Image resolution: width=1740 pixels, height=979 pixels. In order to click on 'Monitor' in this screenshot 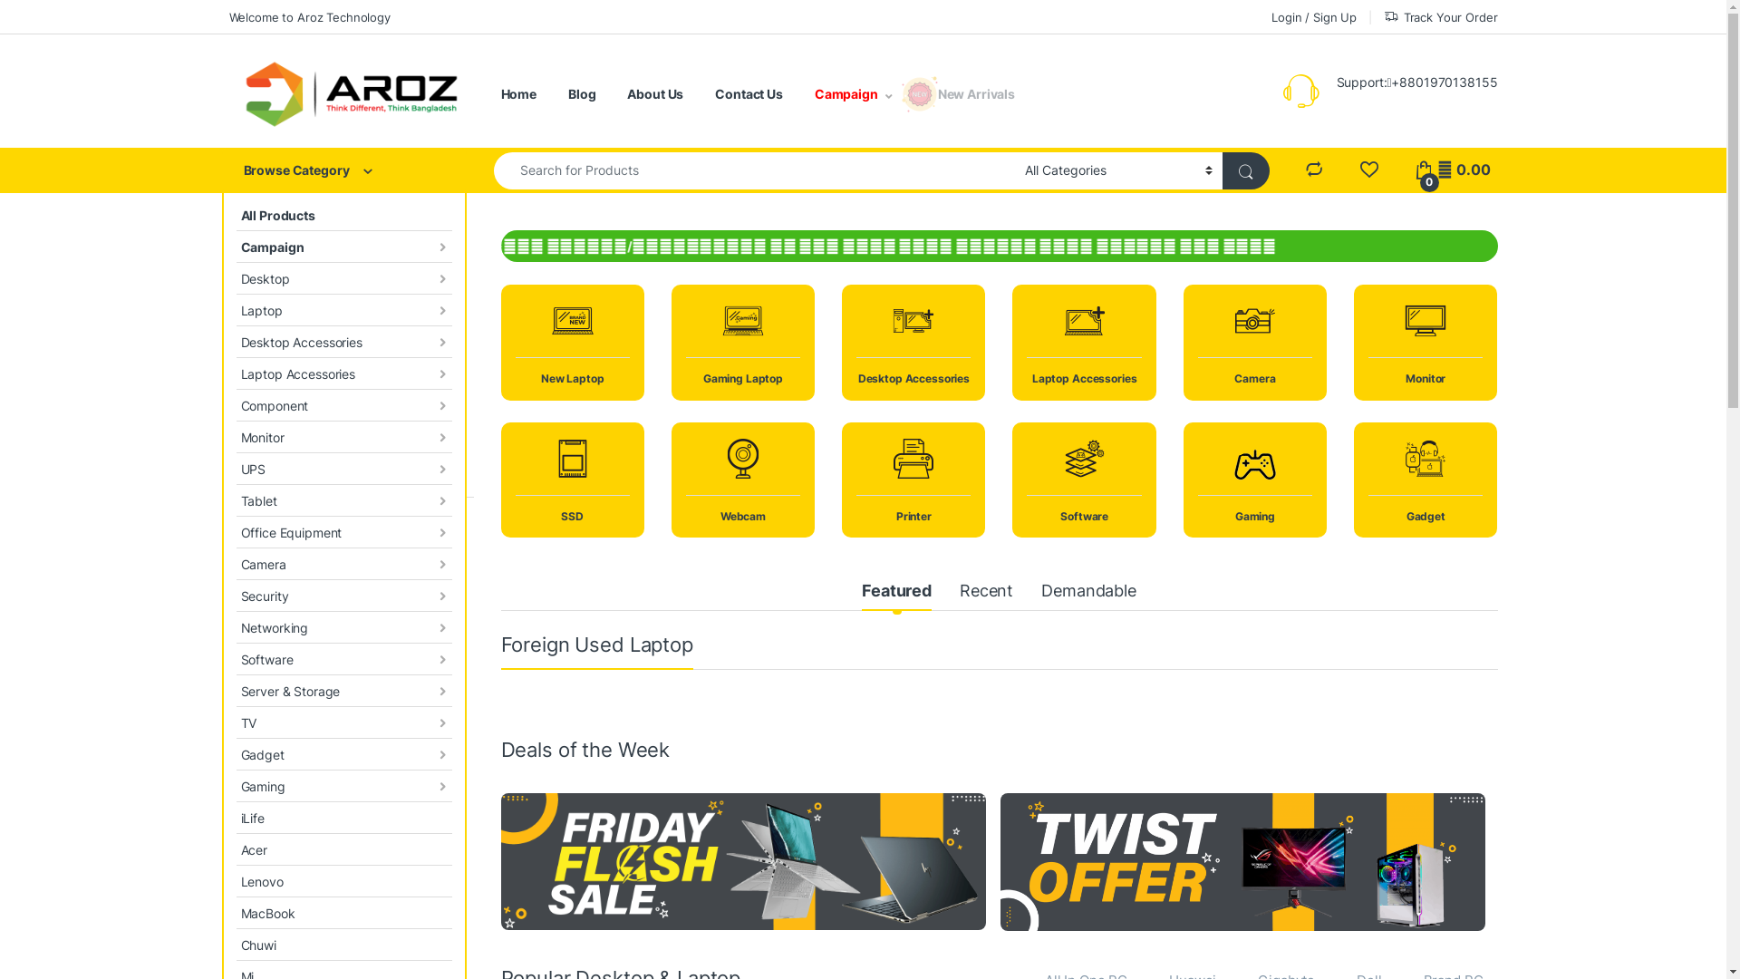, I will do `click(343, 437)`.